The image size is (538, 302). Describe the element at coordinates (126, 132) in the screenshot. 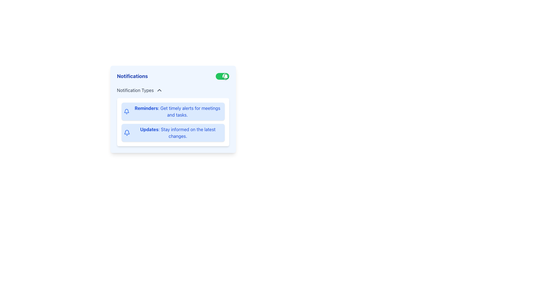

I see `the blue notification bell icon located to the left of the toggle switch in the 'Notifications' section` at that location.